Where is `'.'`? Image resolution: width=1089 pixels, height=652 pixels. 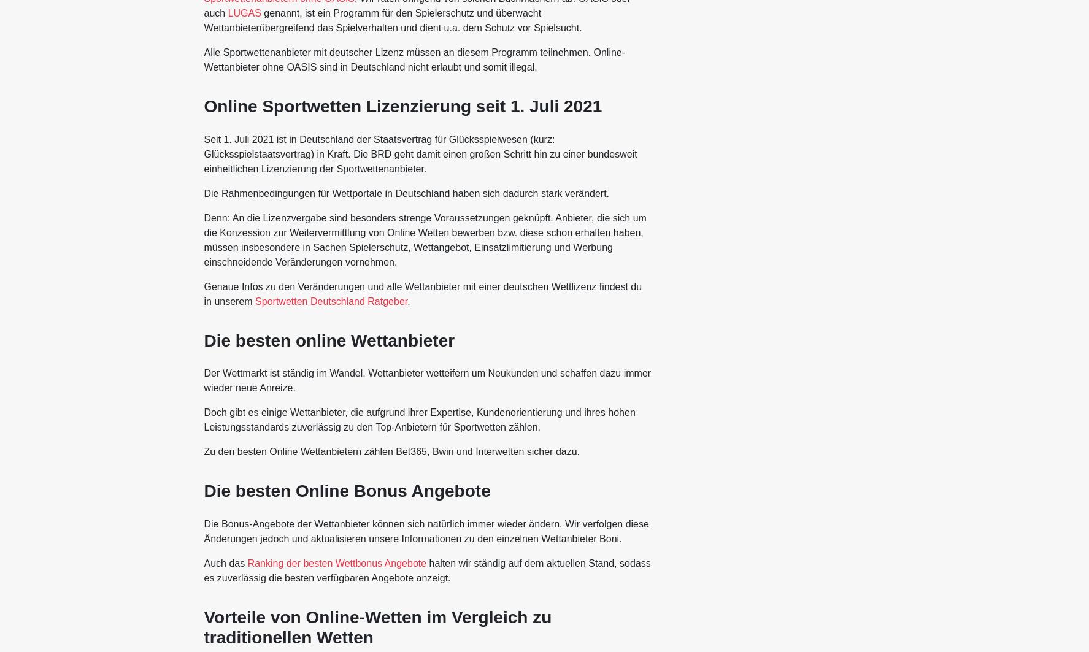
'.' is located at coordinates (407, 301).